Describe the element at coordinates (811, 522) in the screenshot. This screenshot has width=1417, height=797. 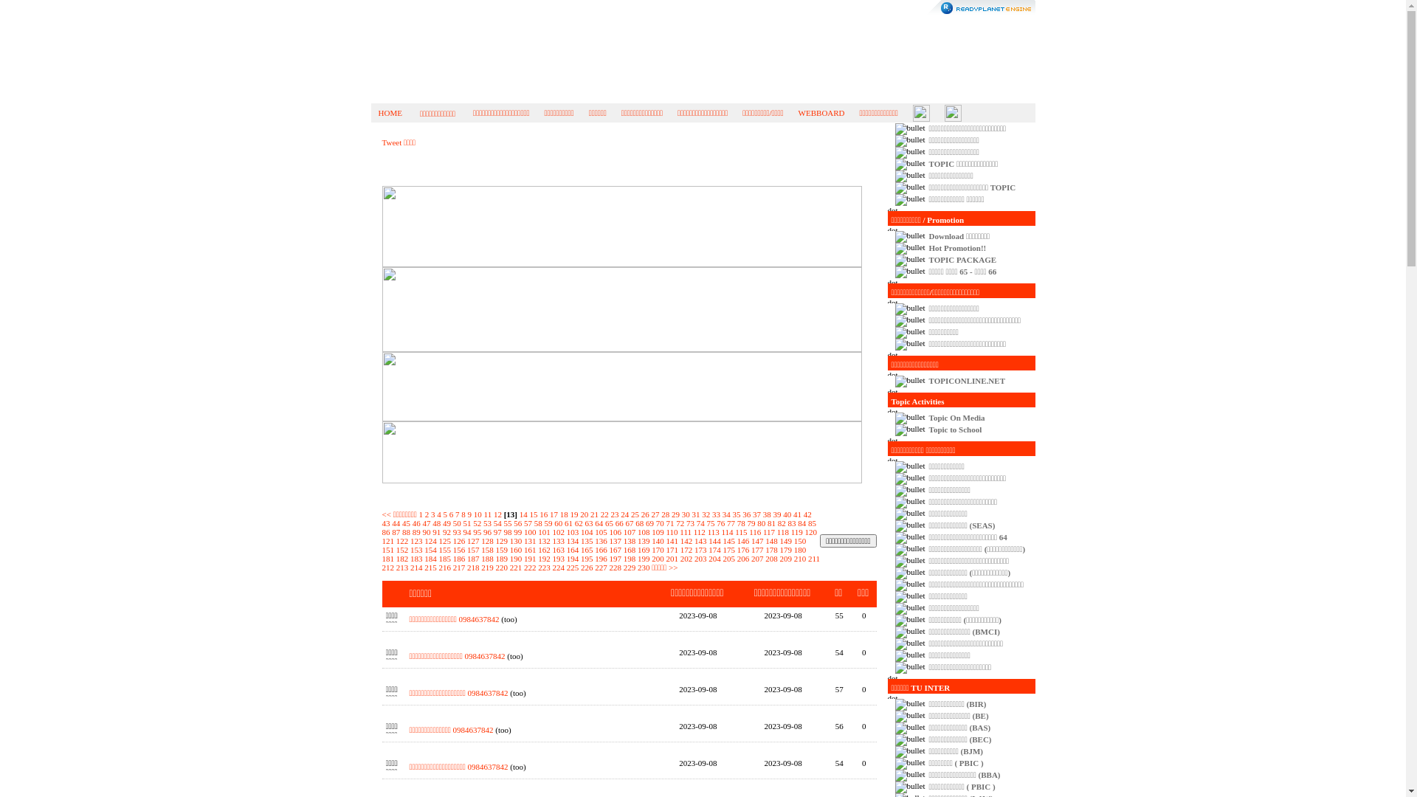
I see `'85'` at that location.